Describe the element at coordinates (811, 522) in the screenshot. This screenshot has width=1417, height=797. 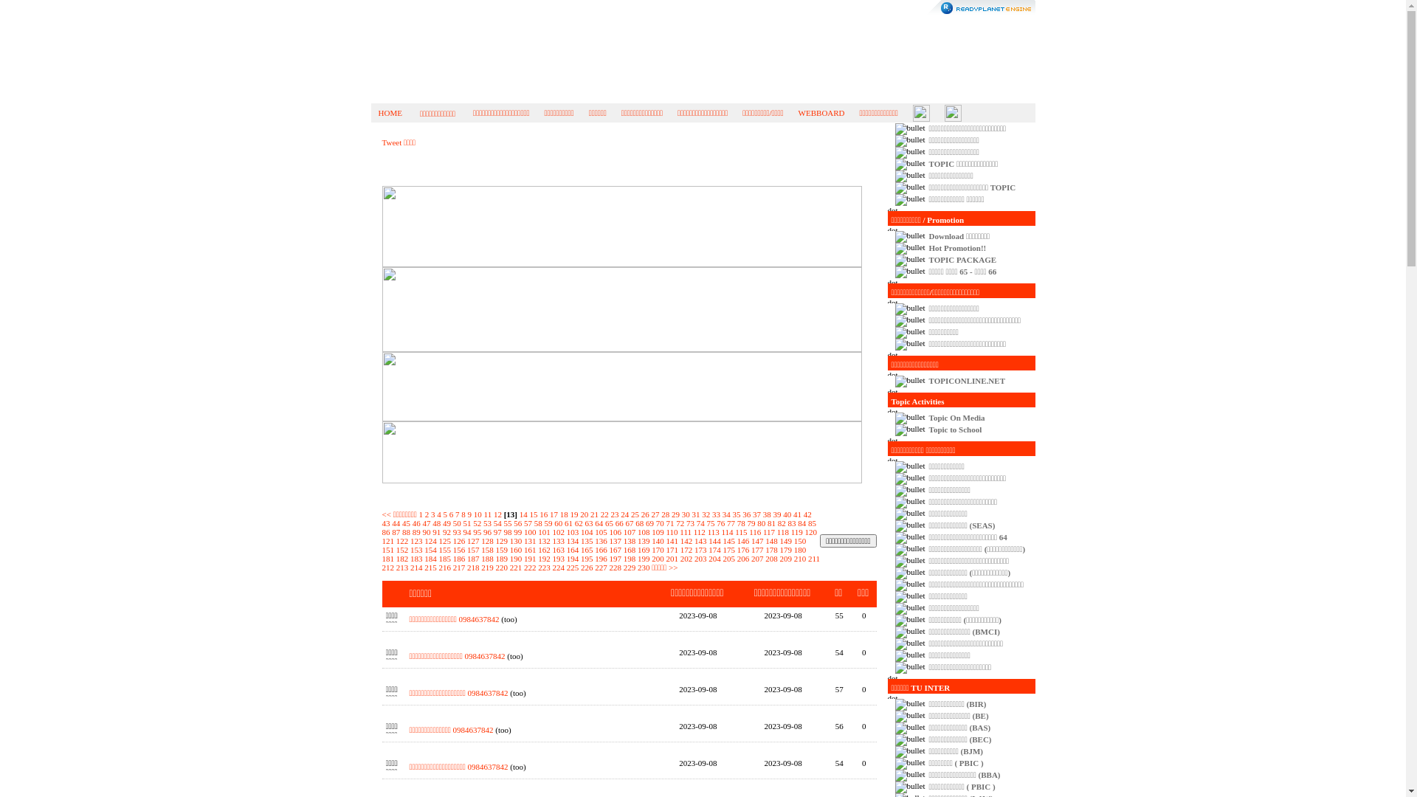
I see `'85'` at that location.